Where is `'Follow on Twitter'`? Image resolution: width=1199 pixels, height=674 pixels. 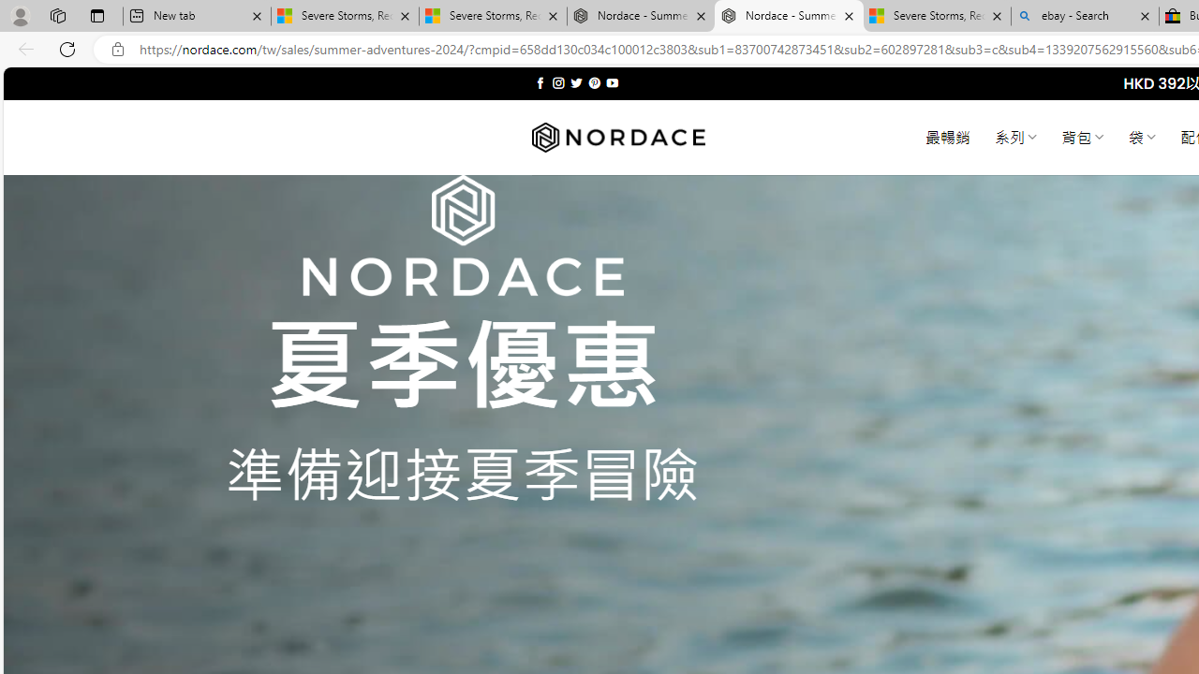 'Follow on Twitter' is located at coordinates (575, 82).